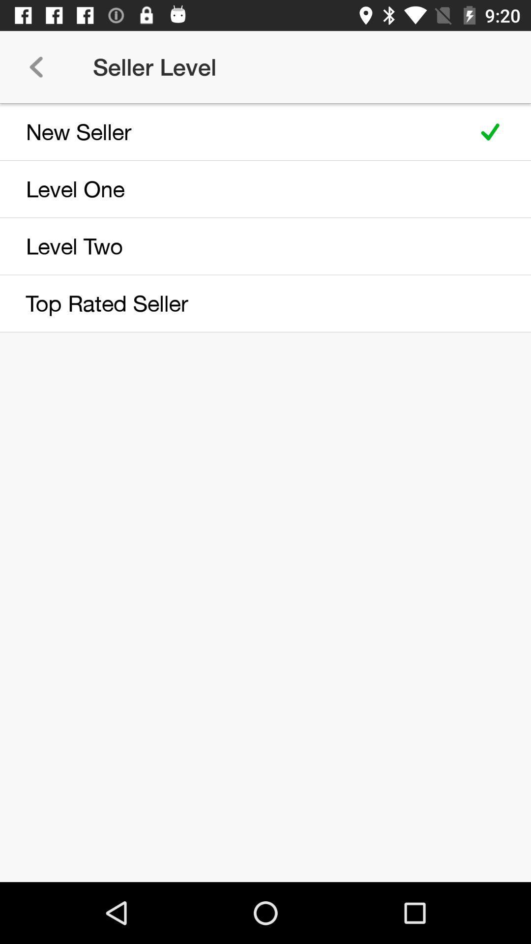 The width and height of the screenshot is (531, 944). Describe the element at coordinates (232, 131) in the screenshot. I see `icon above level one item` at that location.